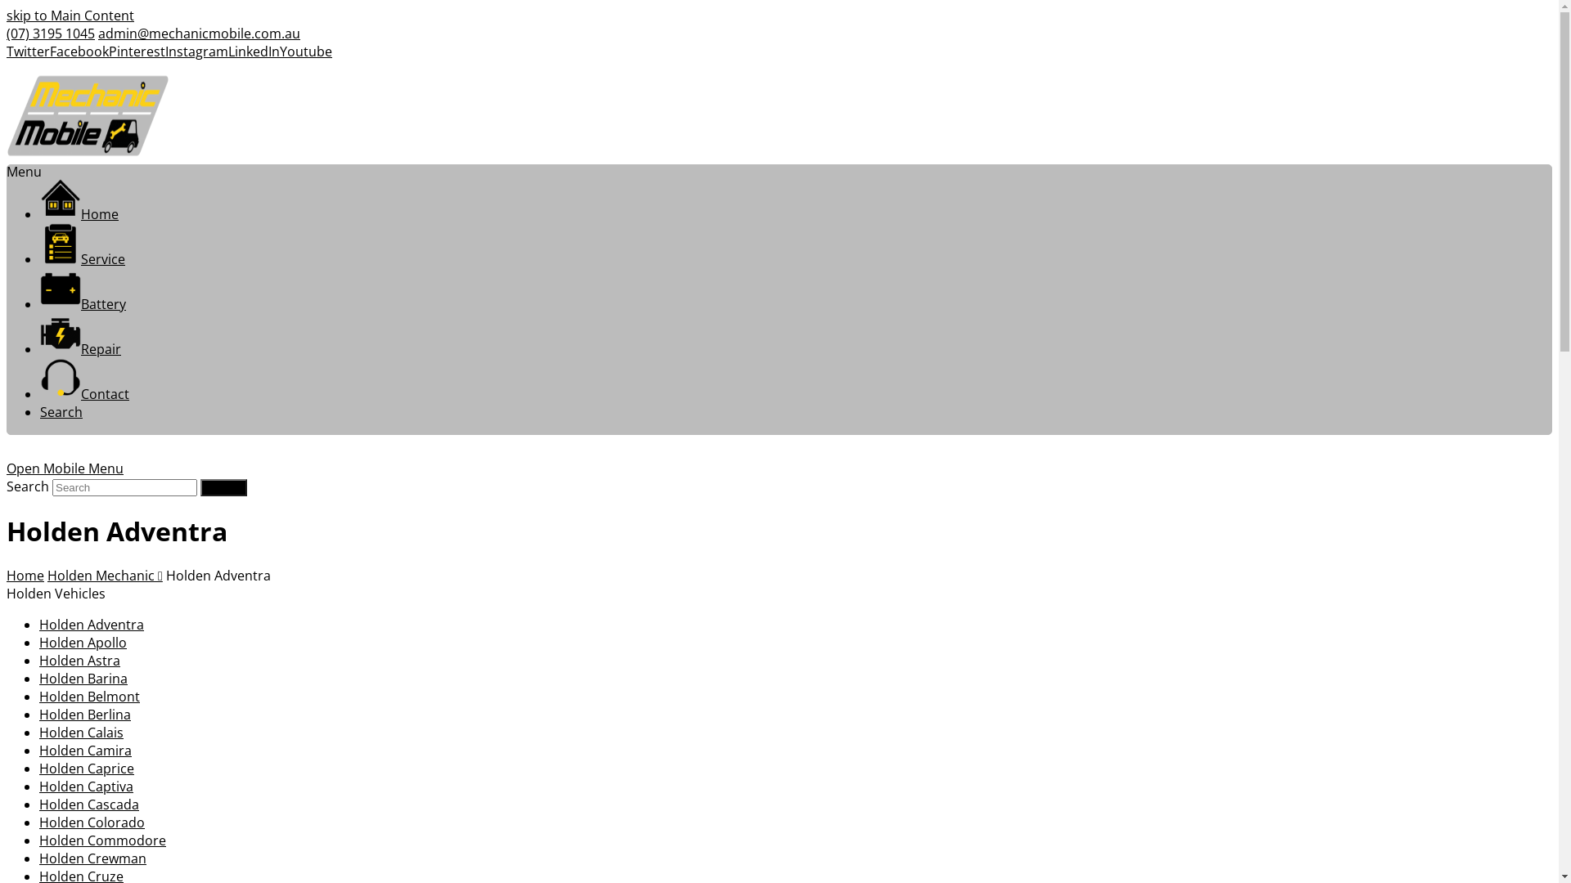  What do you see at coordinates (84, 714) in the screenshot?
I see `'Holden Berlina'` at bounding box center [84, 714].